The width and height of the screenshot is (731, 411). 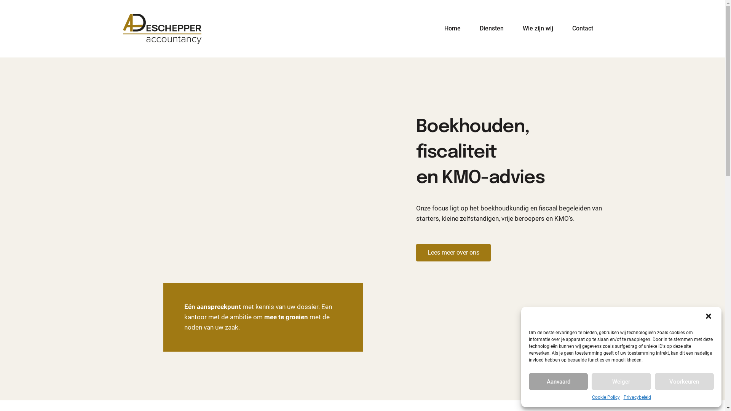 I want to click on 'Voorkeuren', so click(x=684, y=381).